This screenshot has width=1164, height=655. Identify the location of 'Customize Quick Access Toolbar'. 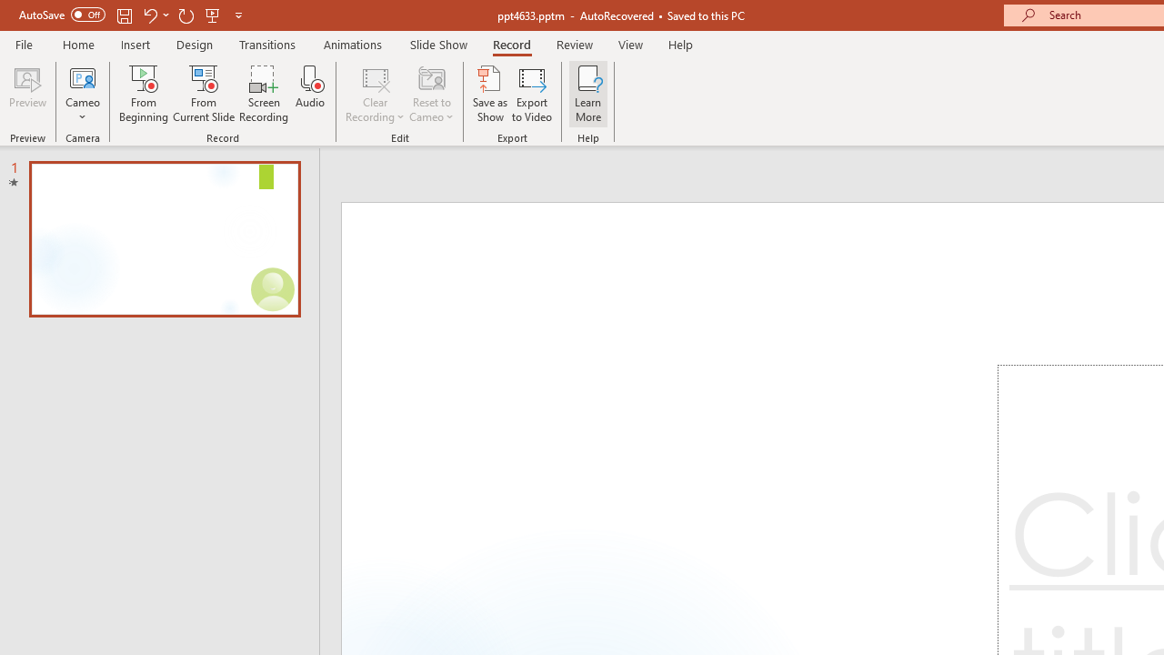
(238, 15).